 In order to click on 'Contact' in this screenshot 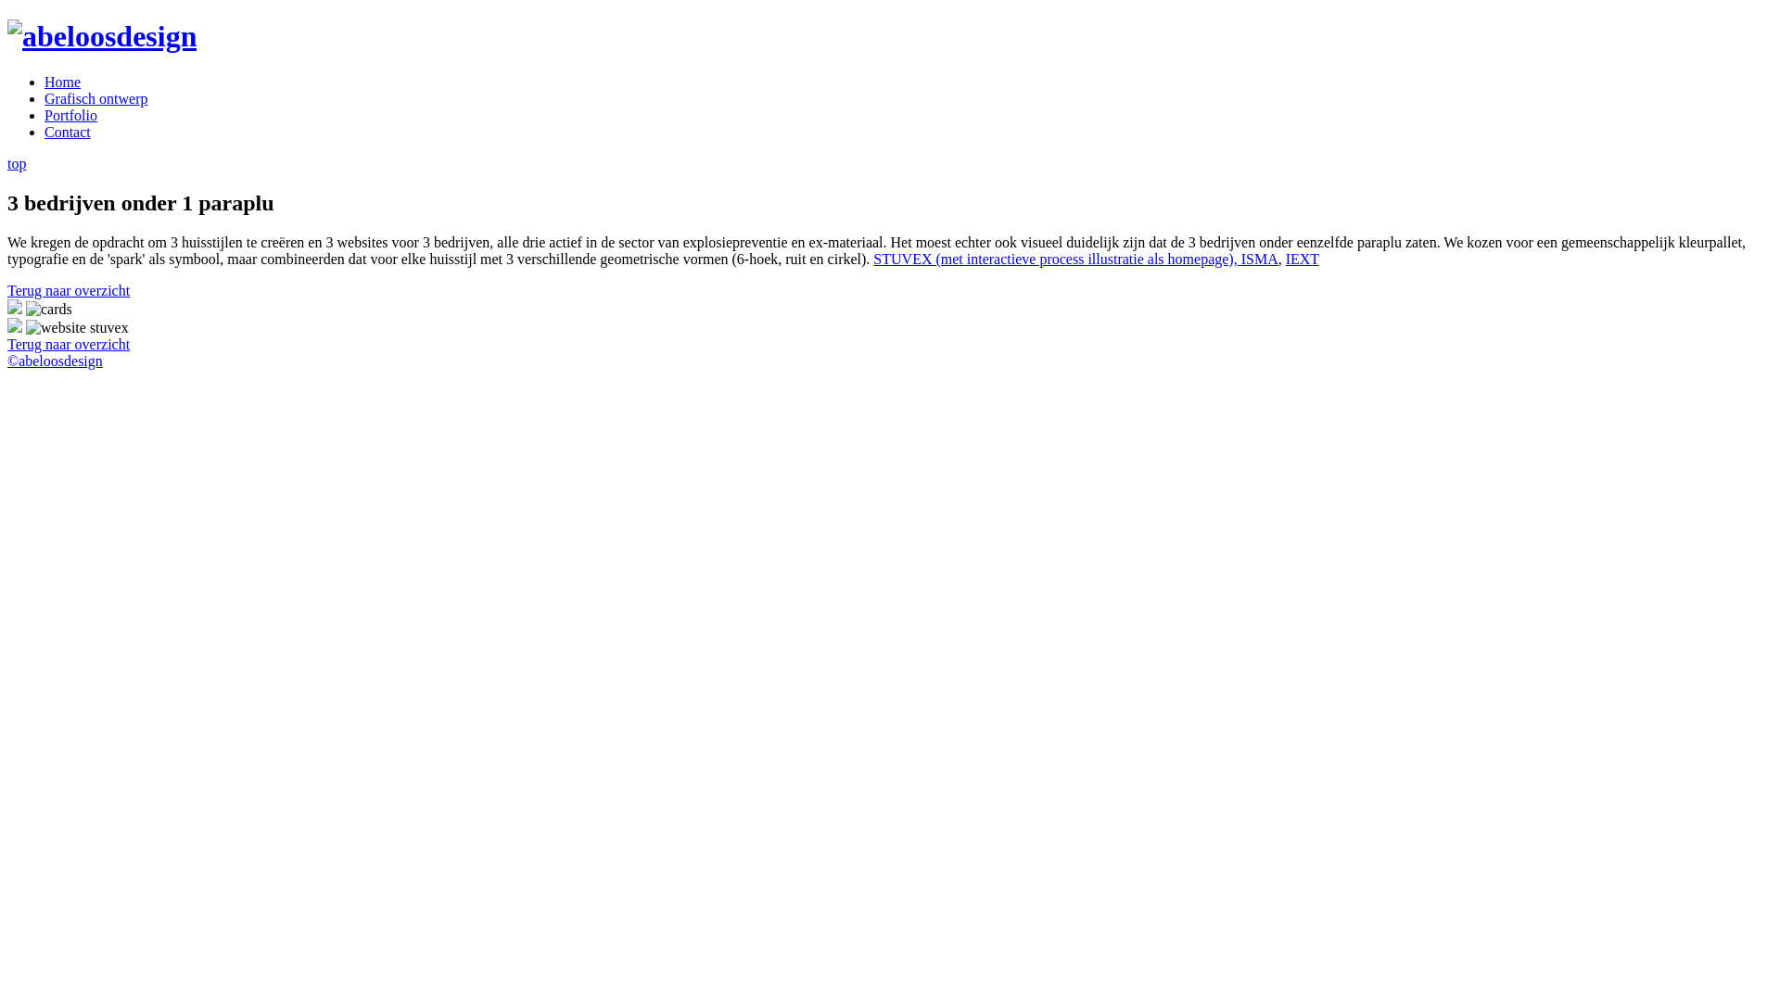, I will do `click(67, 131)`.